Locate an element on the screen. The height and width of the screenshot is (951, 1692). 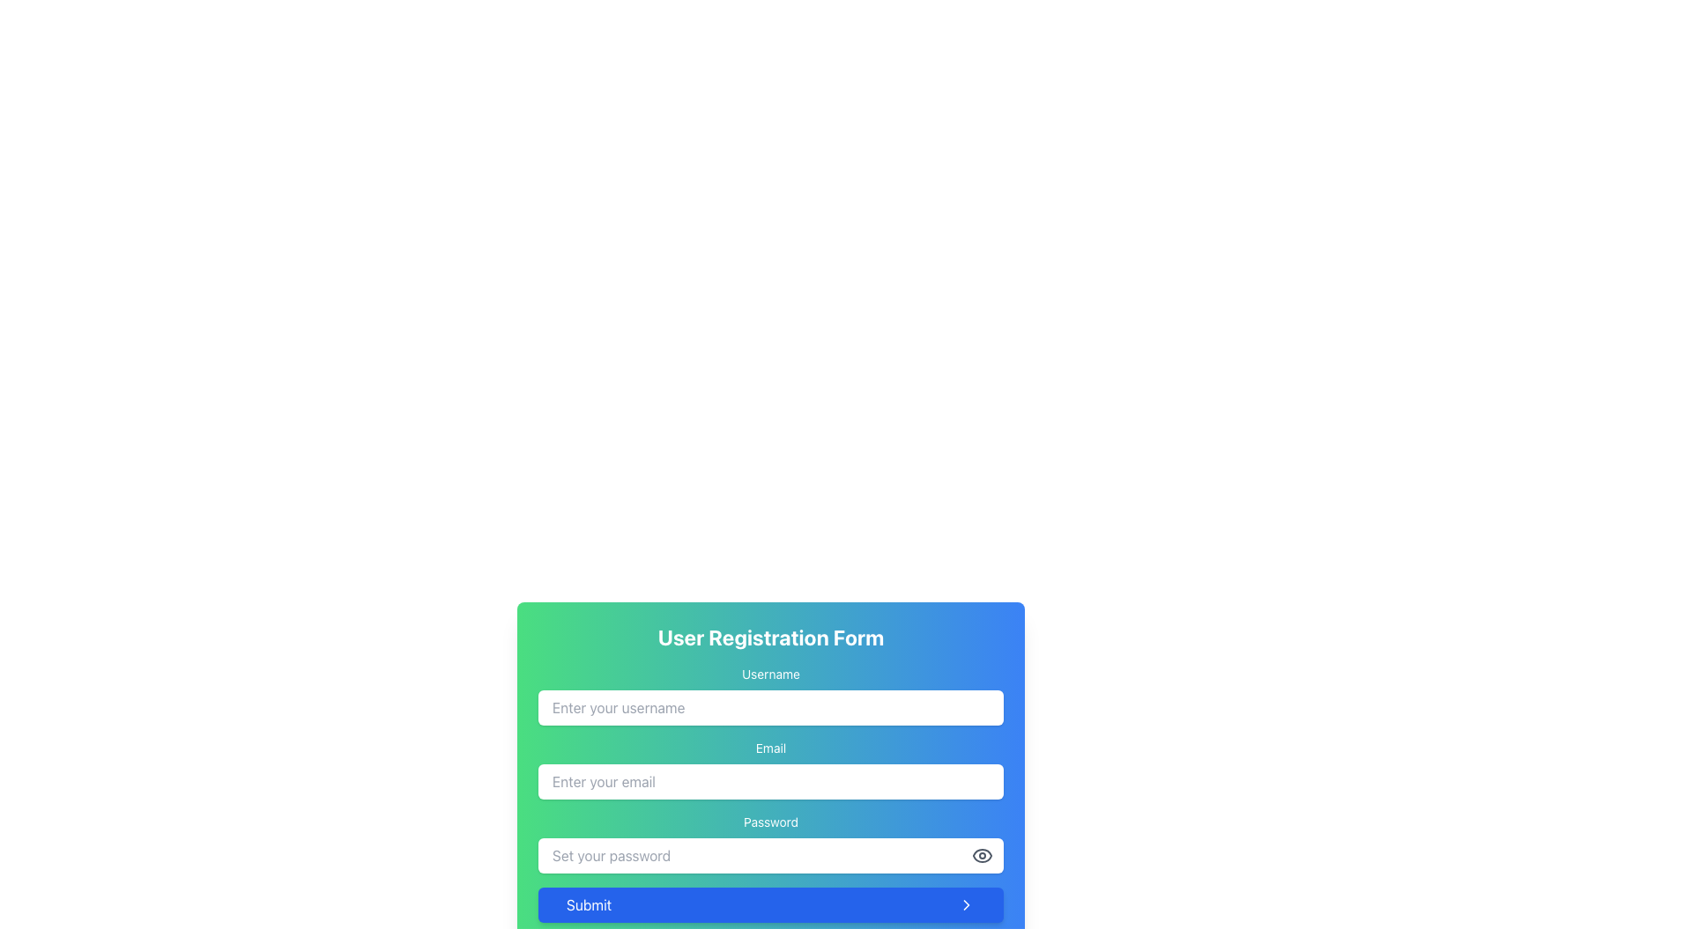
the eye-shaped icon within the button located next to the password input field is located at coordinates (981, 855).